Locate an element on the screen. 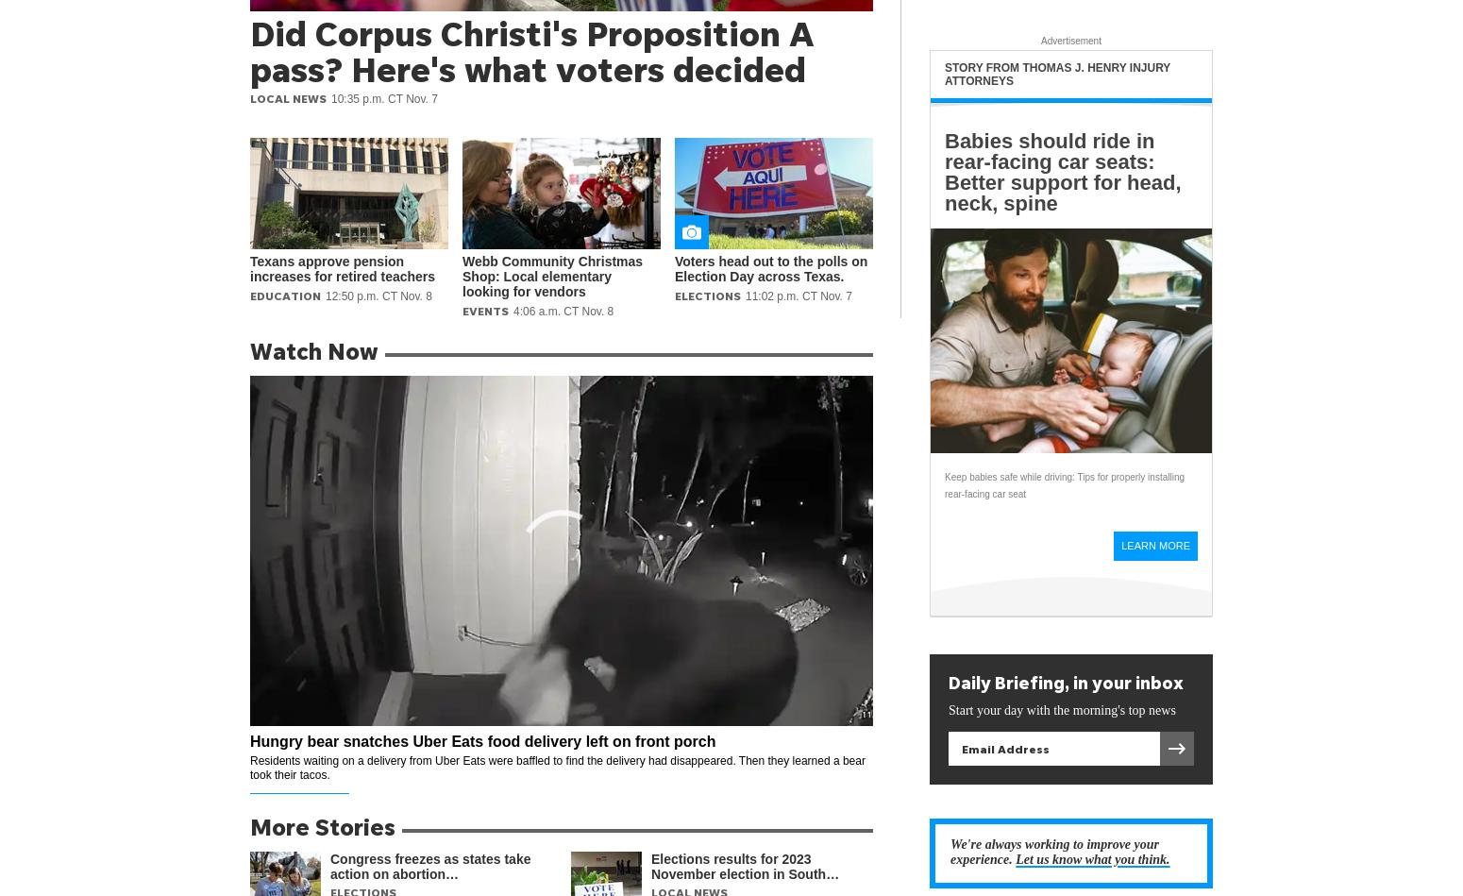 The height and width of the screenshot is (896, 1463). 'Babies should ride in rear-facing car seats: Better support for head, neck, spine' is located at coordinates (943, 171).